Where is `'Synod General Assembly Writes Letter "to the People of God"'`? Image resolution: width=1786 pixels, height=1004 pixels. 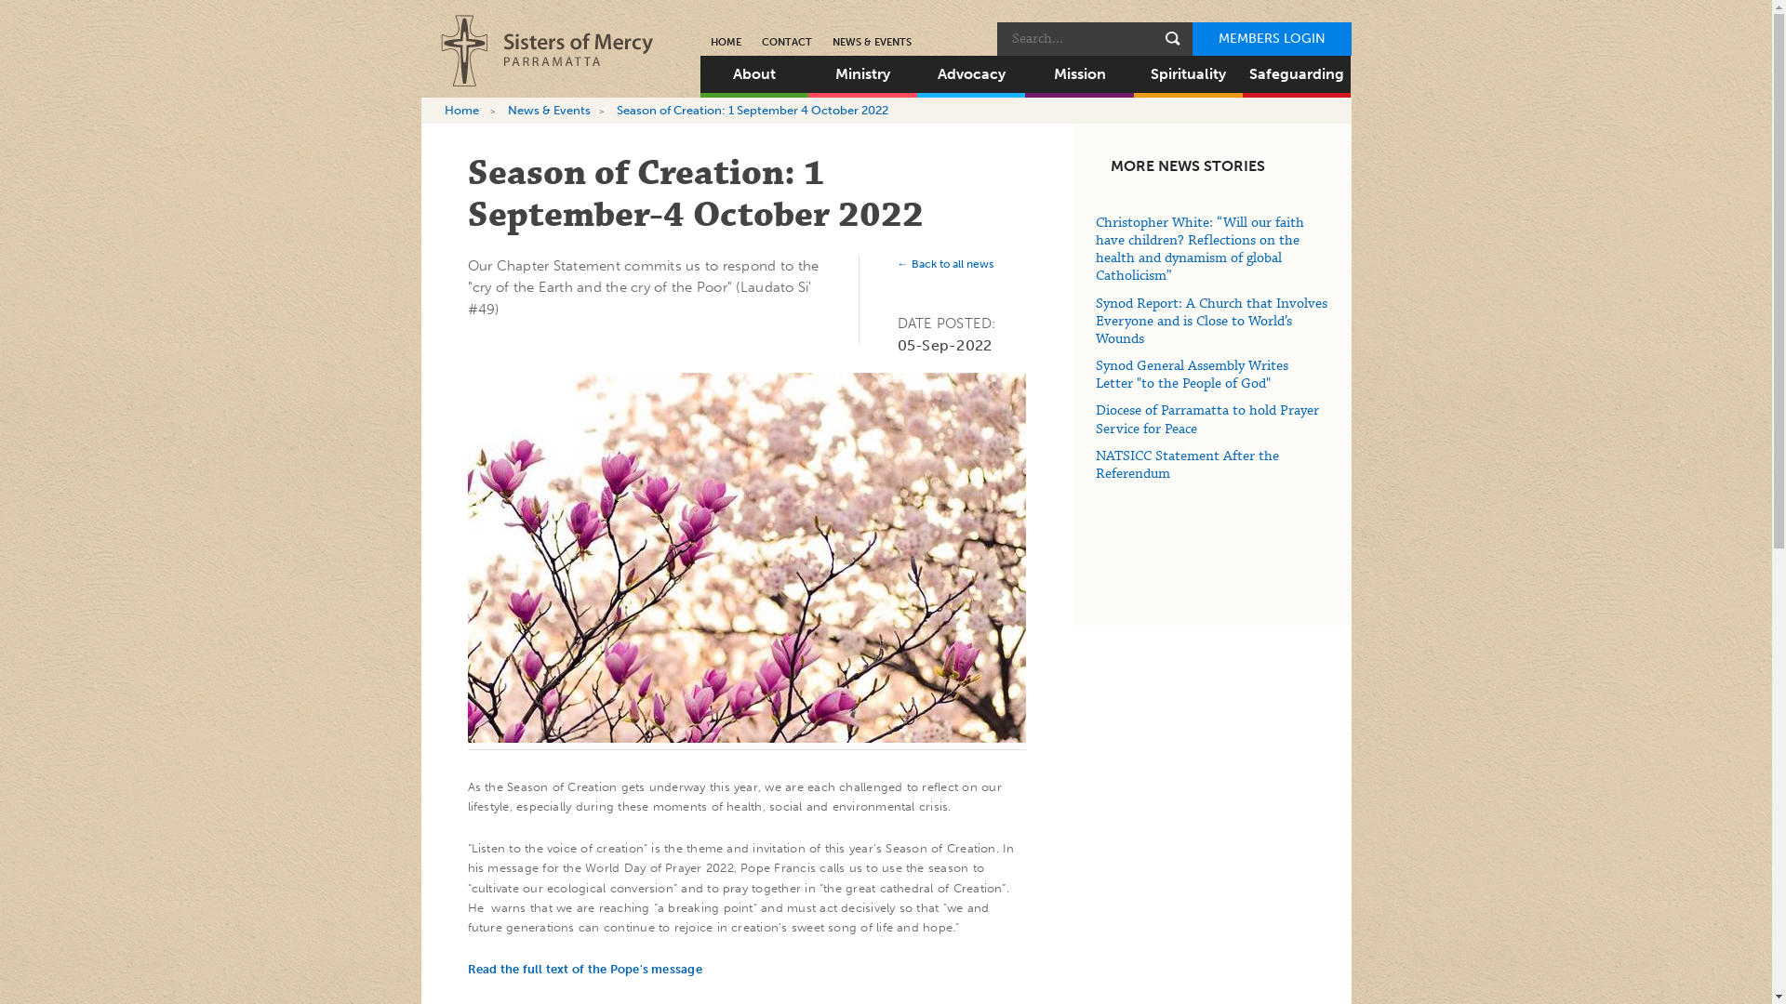 'Synod General Assembly Writes Letter "to the People of God"' is located at coordinates (1192, 375).